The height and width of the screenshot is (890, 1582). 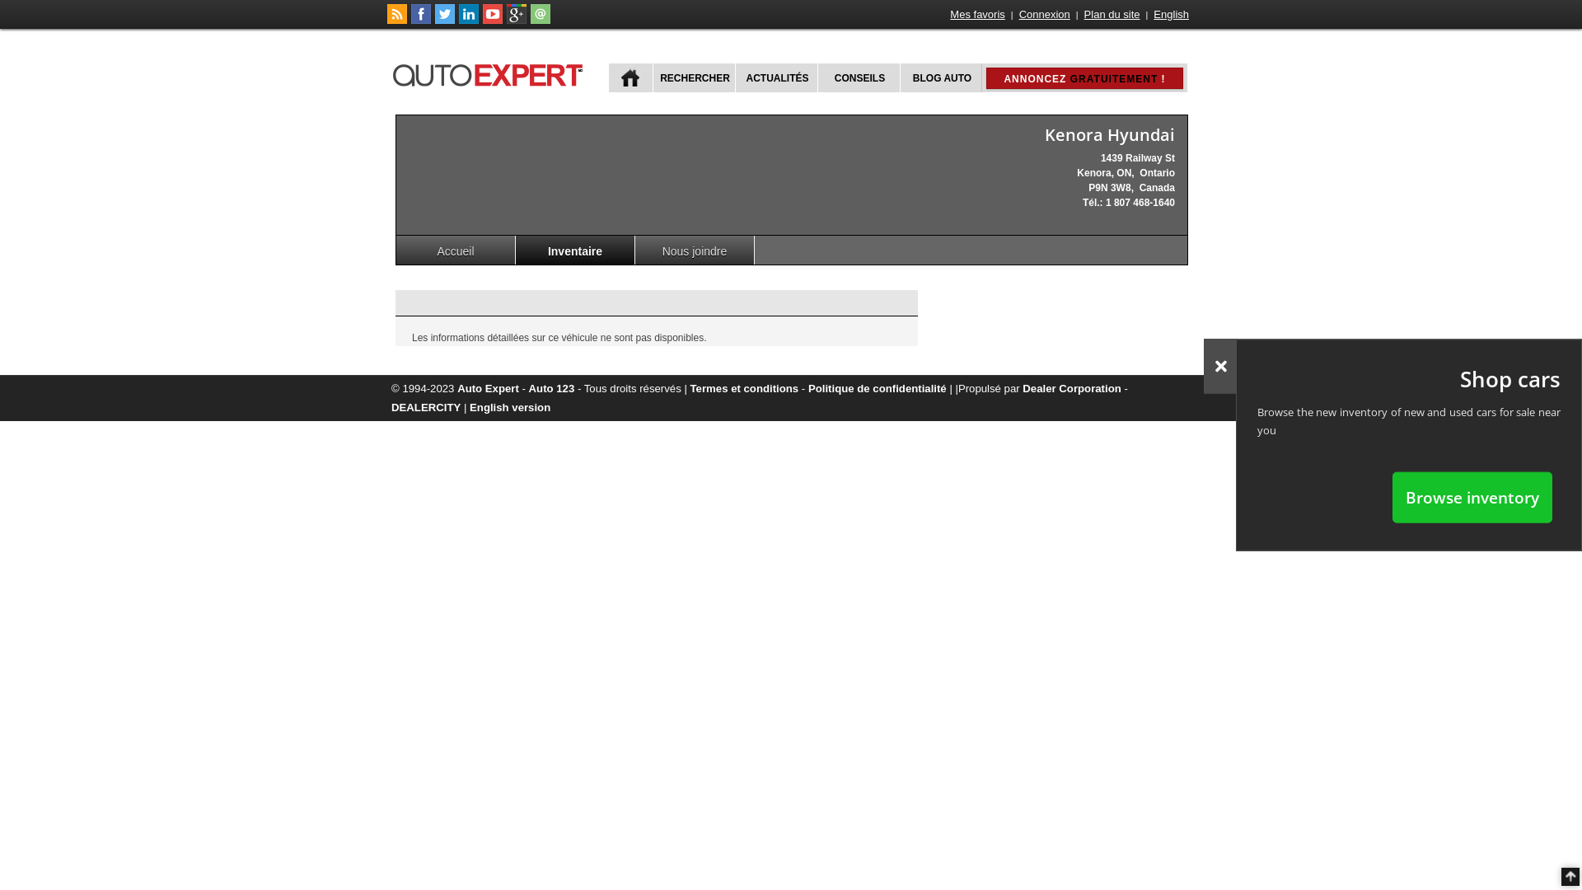 I want to click on 'RECHERCHER', so click(x=693, y=77).